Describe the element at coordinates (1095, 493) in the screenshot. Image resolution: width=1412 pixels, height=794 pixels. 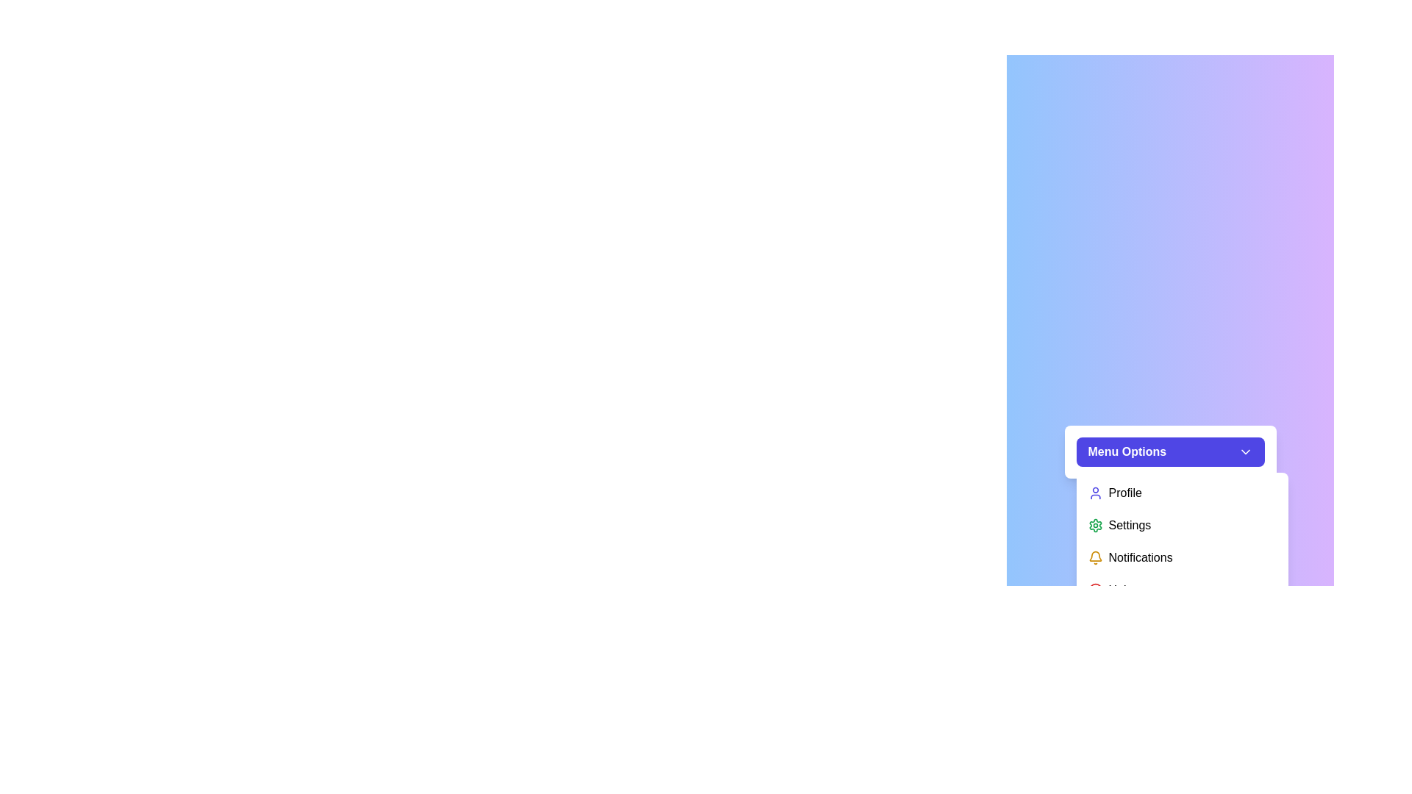
I see `the circular profile icon with a blue outline next to the 'Profile' text` at that location.